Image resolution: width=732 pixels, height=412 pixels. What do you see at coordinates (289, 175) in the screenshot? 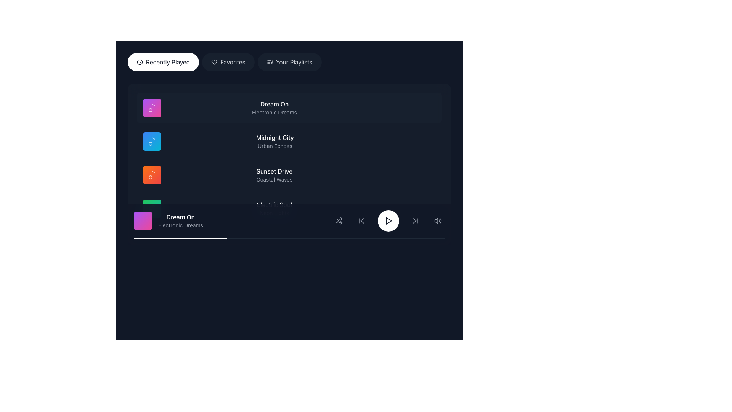
I see `the interactive list item button representing the music track 'Sunset Drive' associated with 'Coastal Waves'` at bounding box center [289, 175].